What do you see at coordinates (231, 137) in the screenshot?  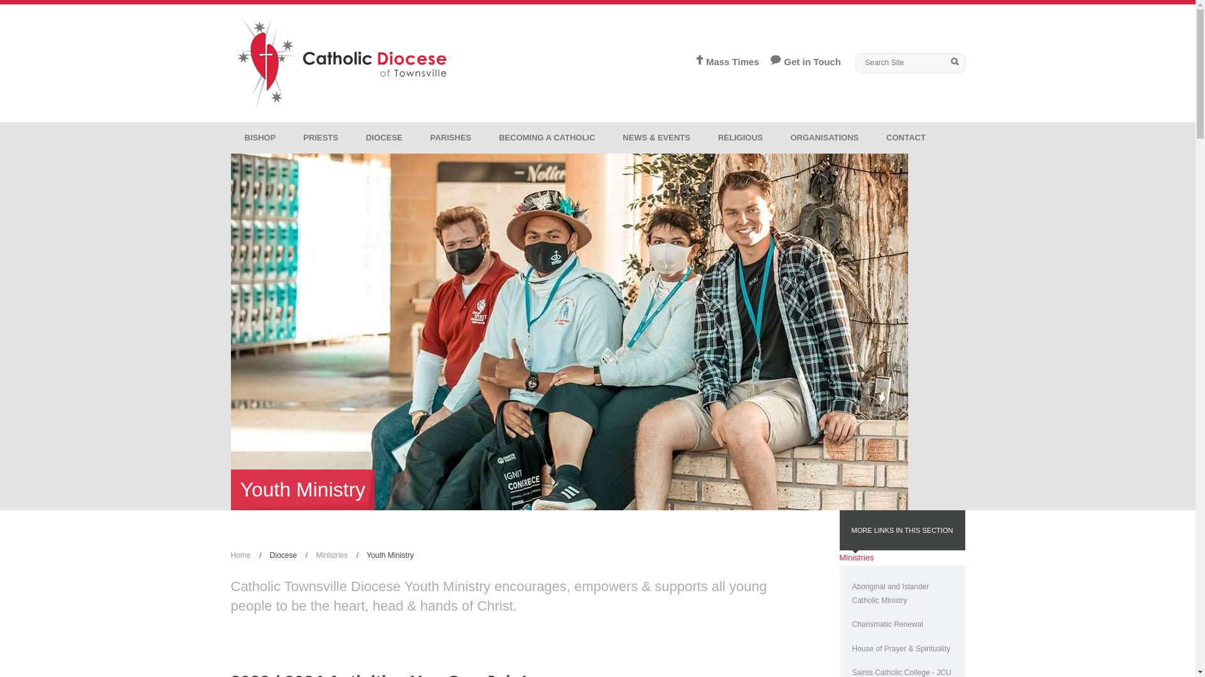 I see `'BISHOP'` at bounding box center [231, 137].